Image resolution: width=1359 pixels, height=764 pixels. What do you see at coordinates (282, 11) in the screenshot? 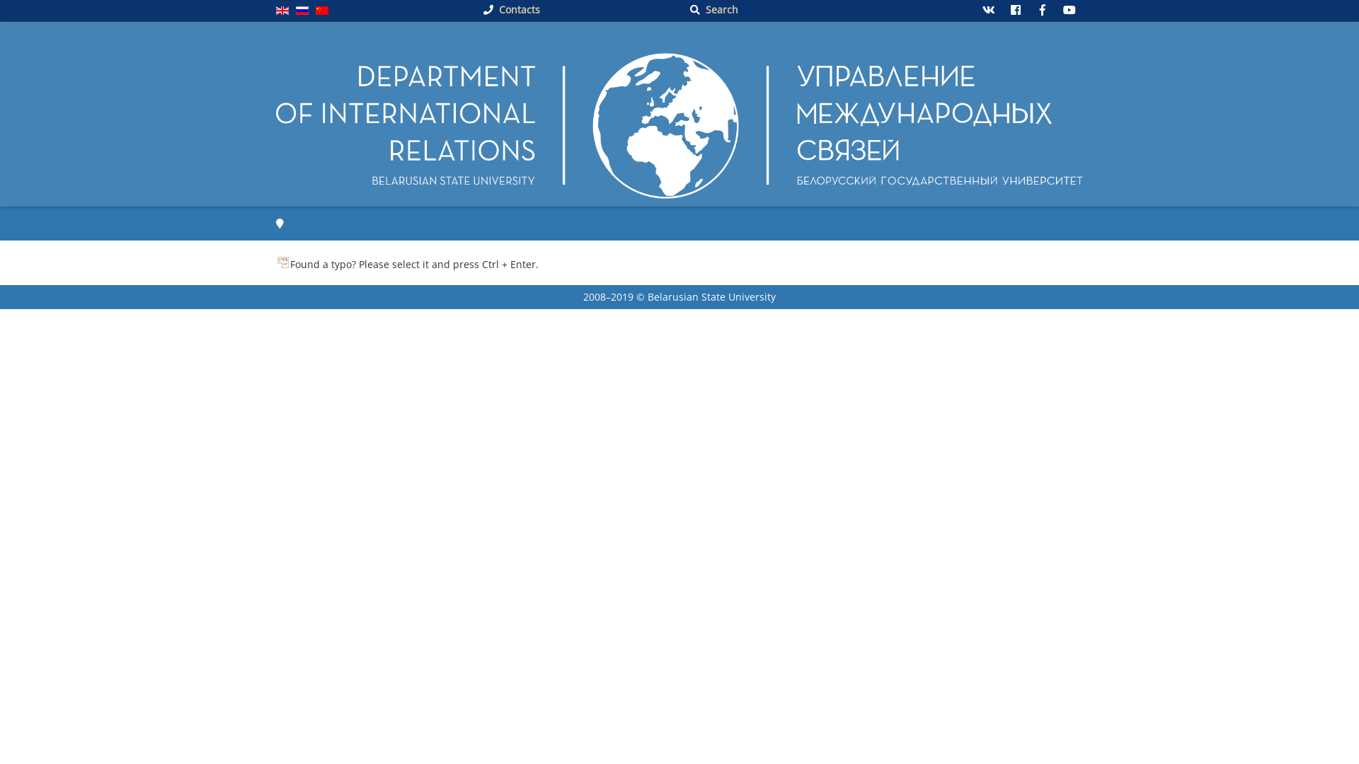
I see `'English (UK)'` at bounding box center [282, 11].